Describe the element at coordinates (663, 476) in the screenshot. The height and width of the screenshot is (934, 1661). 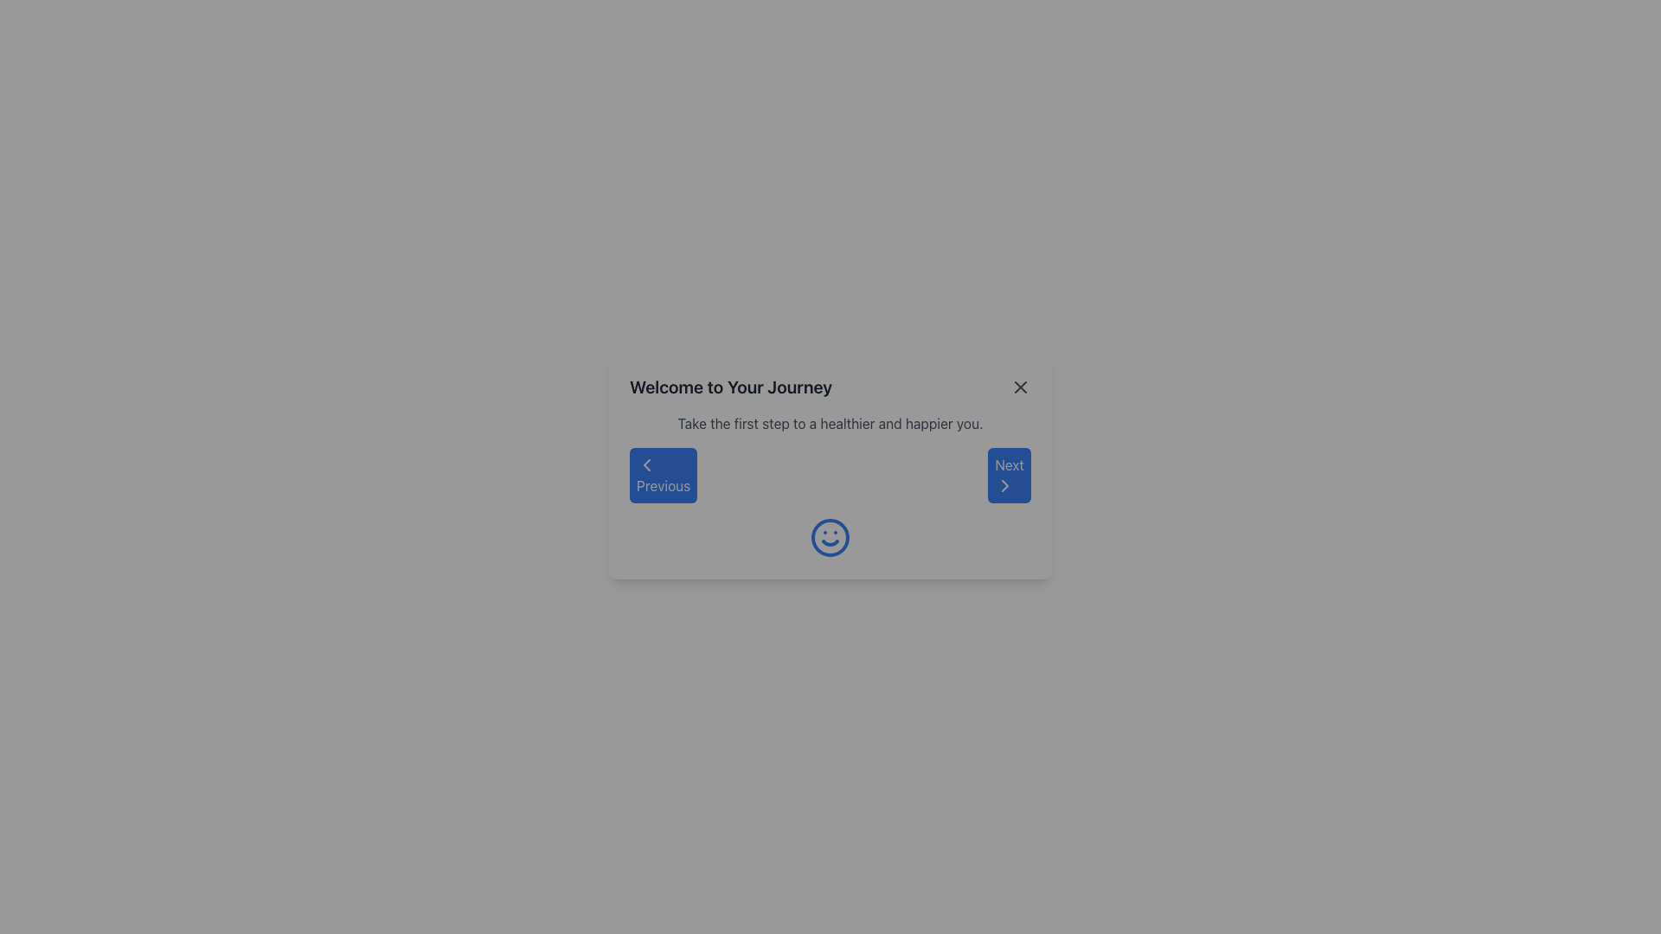
I see `the 'Previous' button located in the horizontal navigation bar` at that location.